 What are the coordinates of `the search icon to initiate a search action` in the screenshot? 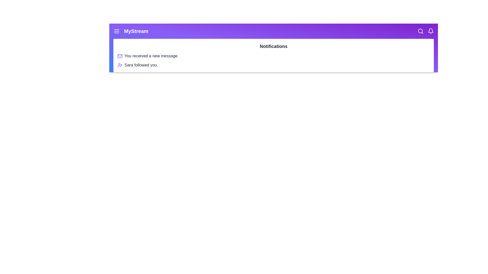 It's located at (421, 31).